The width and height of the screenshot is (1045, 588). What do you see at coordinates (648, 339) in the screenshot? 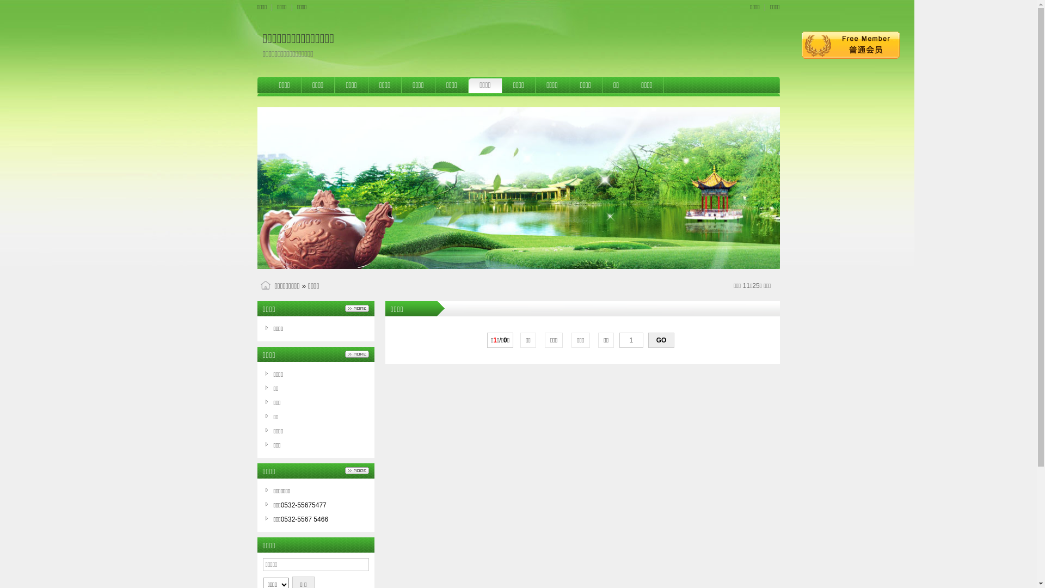
I see `'GO'` at bounding box center [648, 339].